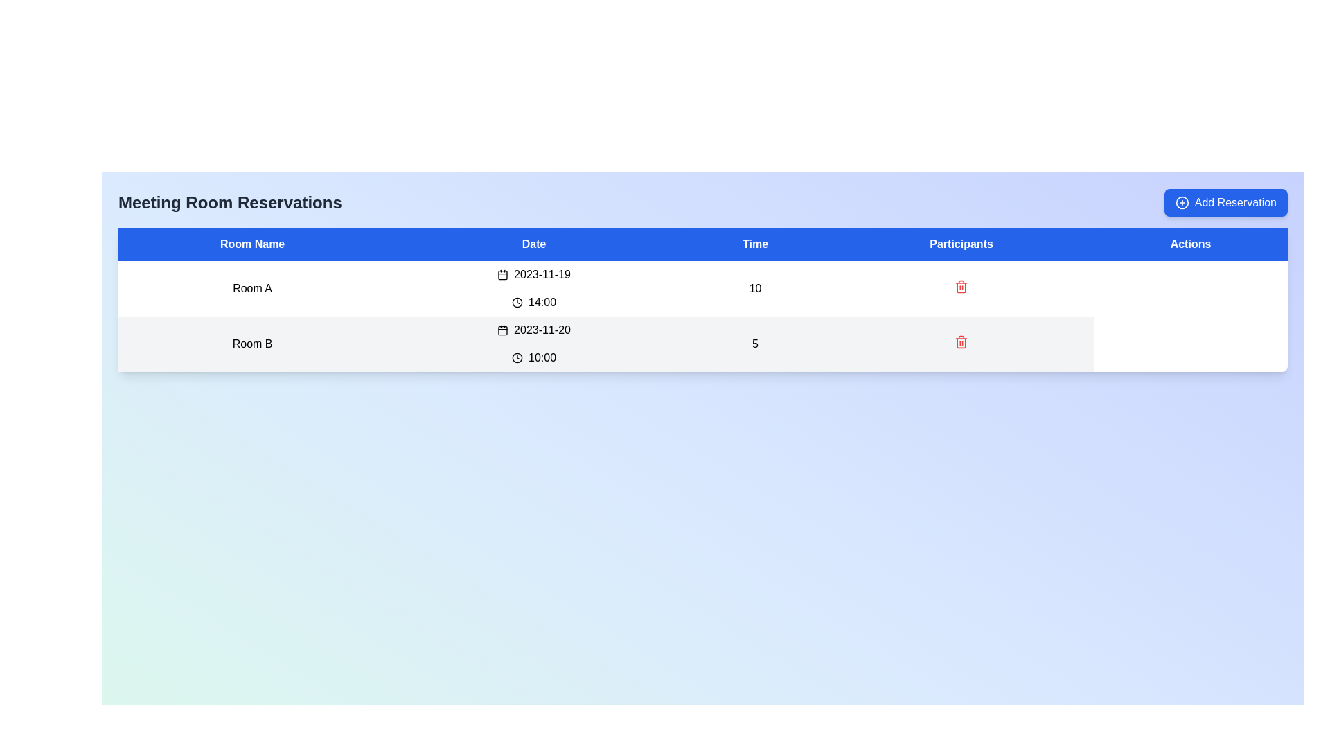 Image resolution: width=1330 pixels, height=748 pixels. I want to click on the text label displaying '5' in the 'Participants' column under 'Room B', so click(754, 344).